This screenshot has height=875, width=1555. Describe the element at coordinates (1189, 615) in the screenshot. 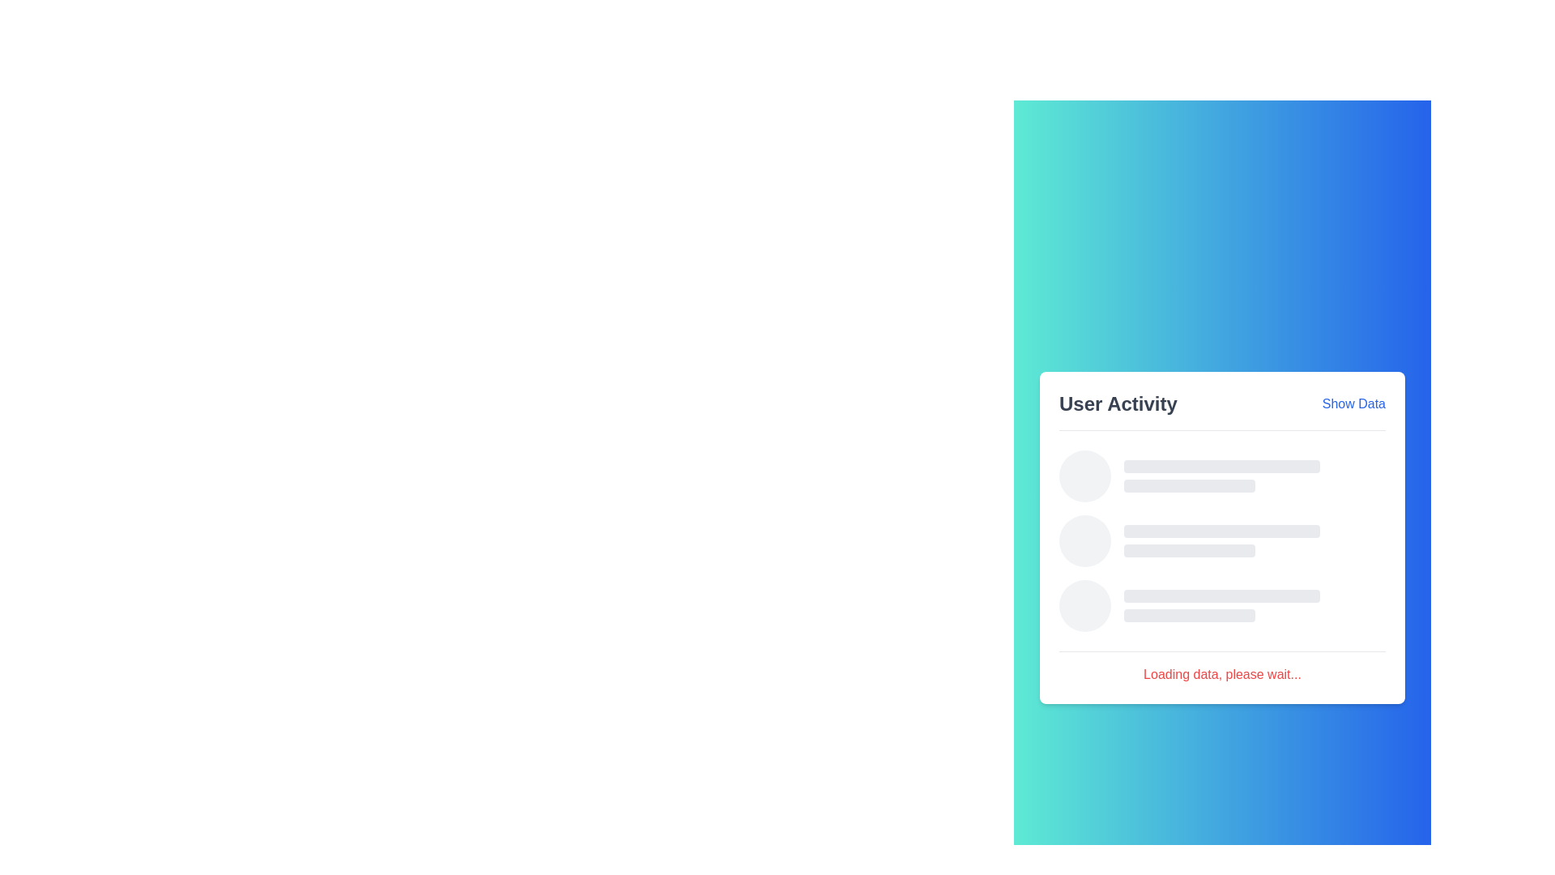

I see `the decorative rectangle with rounded edges located below a horizontal bar in the 'User Activity' card-like UI component` at that location.